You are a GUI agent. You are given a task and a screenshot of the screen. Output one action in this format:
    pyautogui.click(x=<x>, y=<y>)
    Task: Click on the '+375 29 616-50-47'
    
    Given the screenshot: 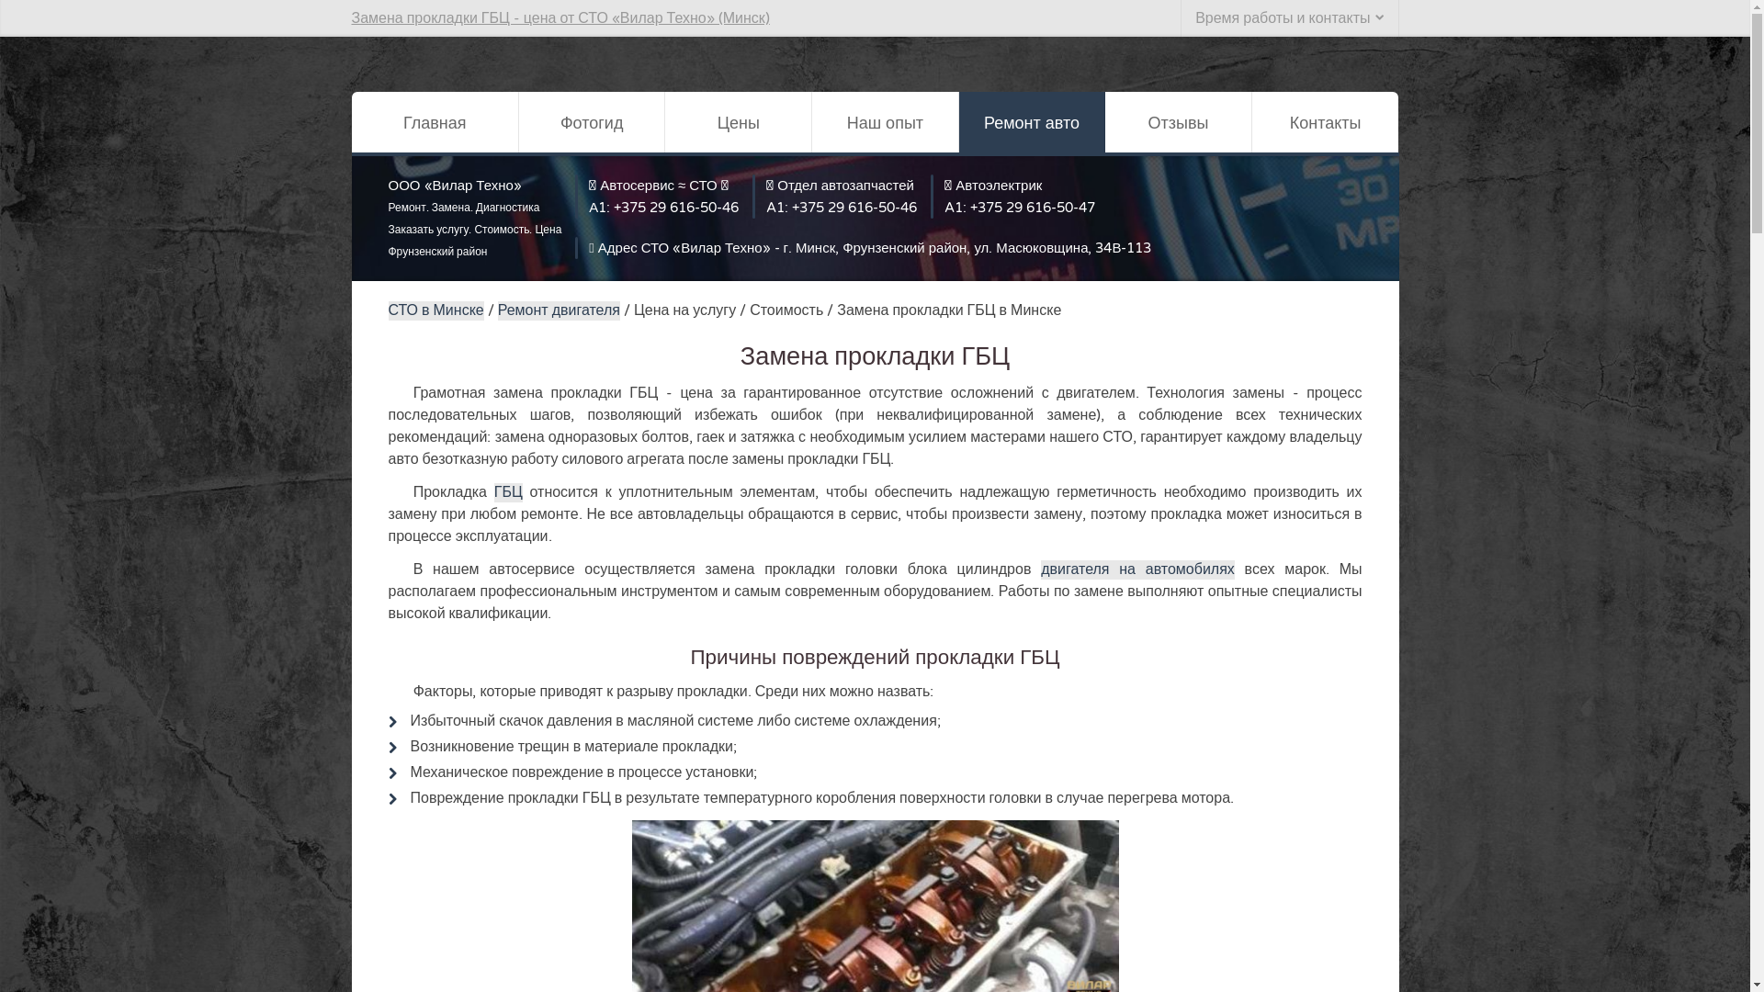 What is the action you would take?
    pyautogui.click(x=1032, y=207)
    